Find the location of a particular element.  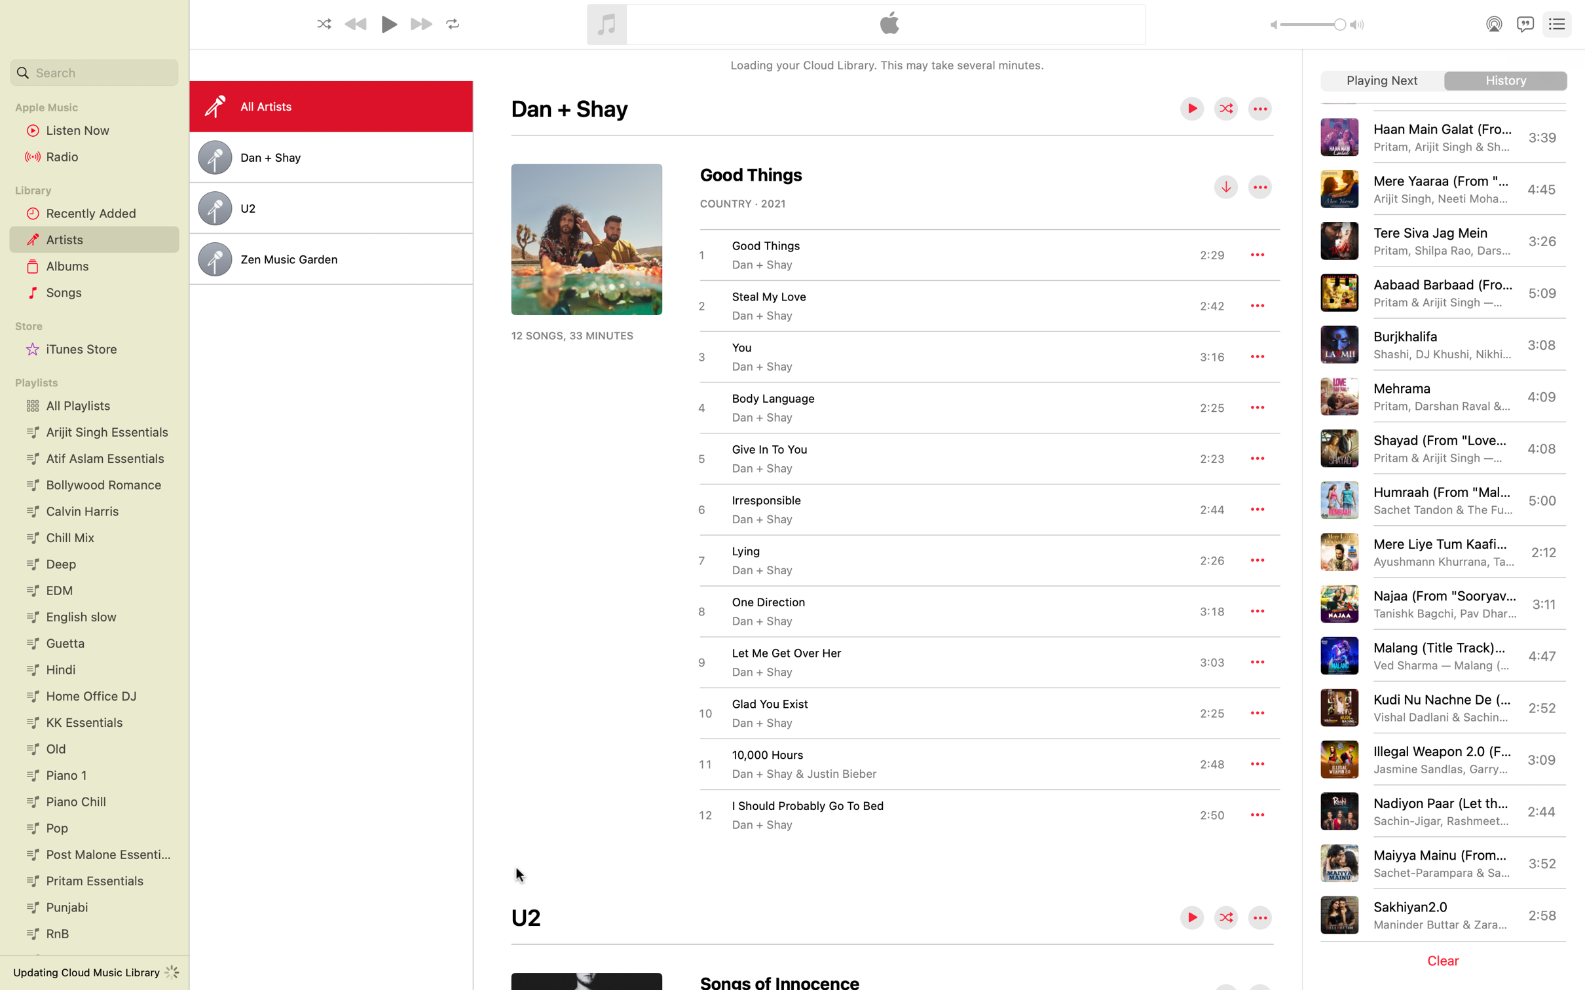

Play the song "Mere Liye Tum Kaafi is located at coordinates (1441, 551).